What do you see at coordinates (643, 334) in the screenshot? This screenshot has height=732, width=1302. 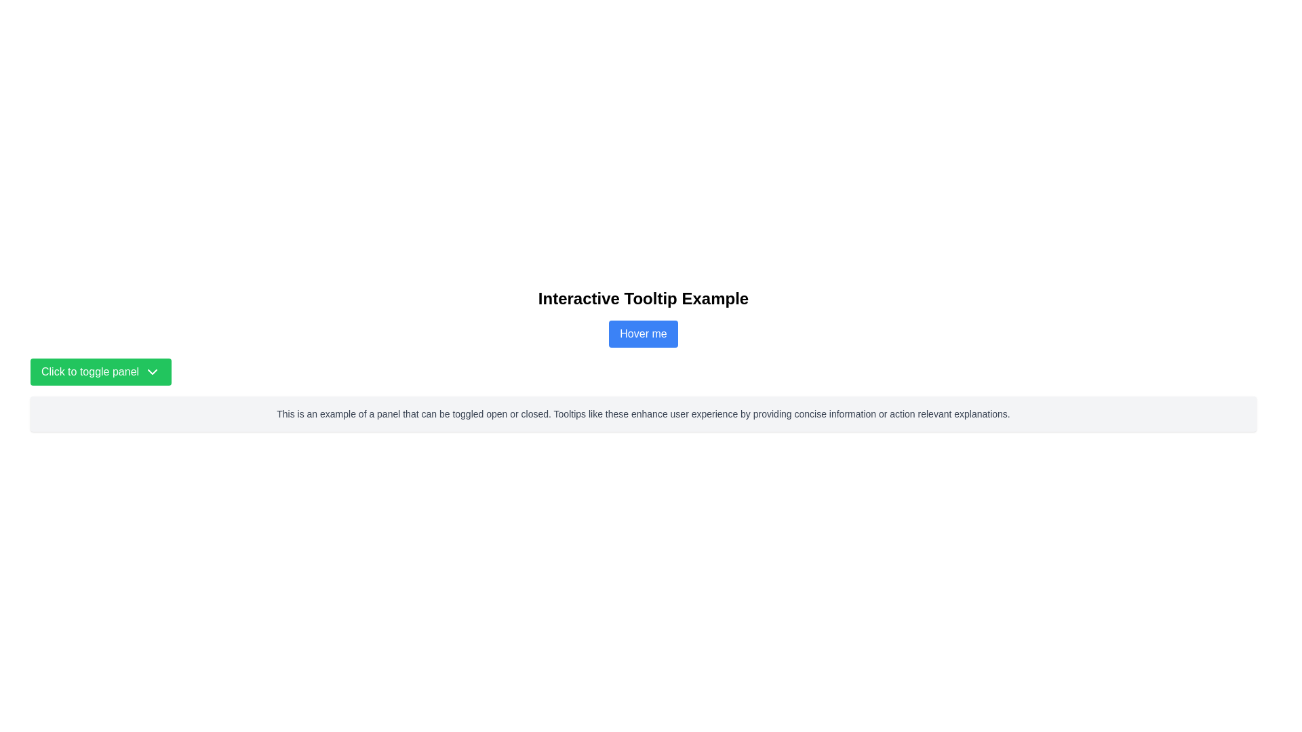 I see `the blue button labeled 'Hover me'` at bounding box center [643, 334].